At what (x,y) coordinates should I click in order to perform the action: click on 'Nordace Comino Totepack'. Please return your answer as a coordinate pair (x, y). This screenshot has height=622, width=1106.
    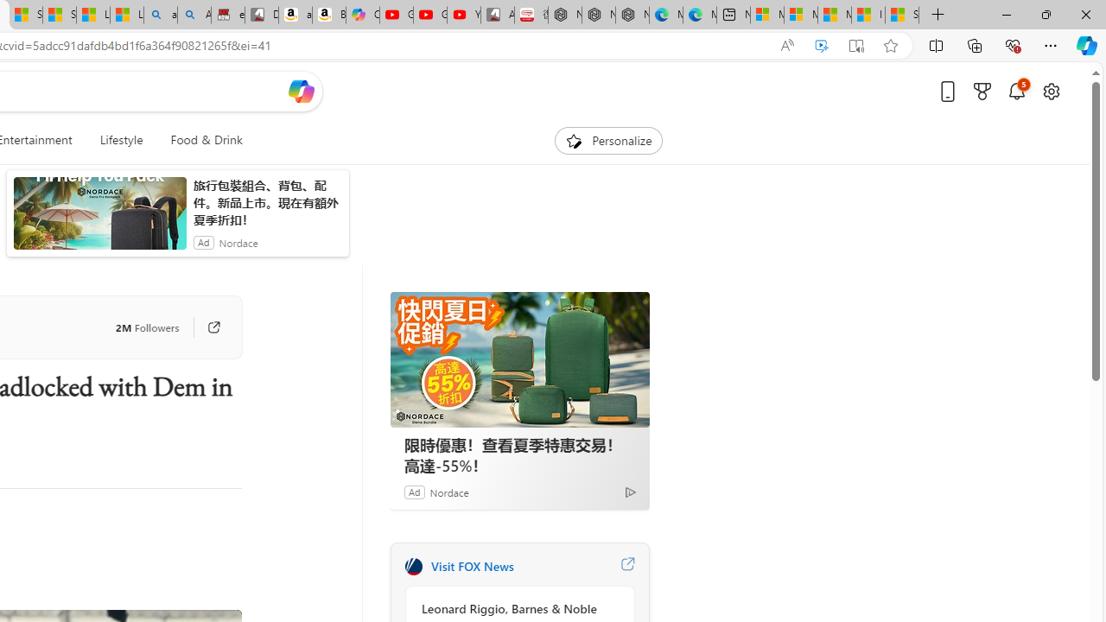
    Looking at the image, I should click on (565, 15).